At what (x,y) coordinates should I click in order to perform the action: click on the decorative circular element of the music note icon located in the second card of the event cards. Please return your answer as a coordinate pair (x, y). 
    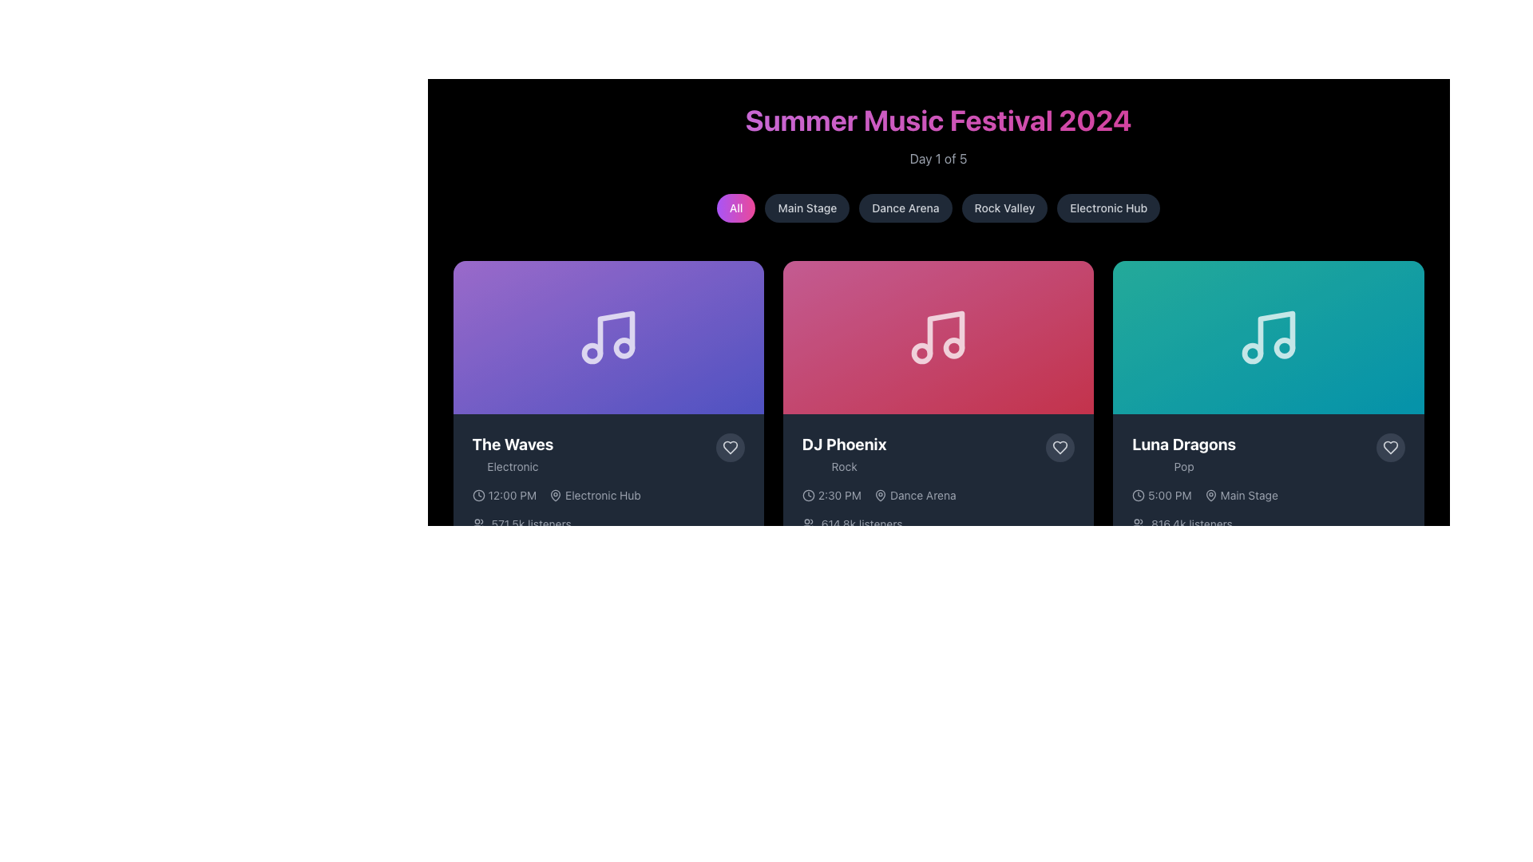
    Looking at the image, I should click on (922, 353).